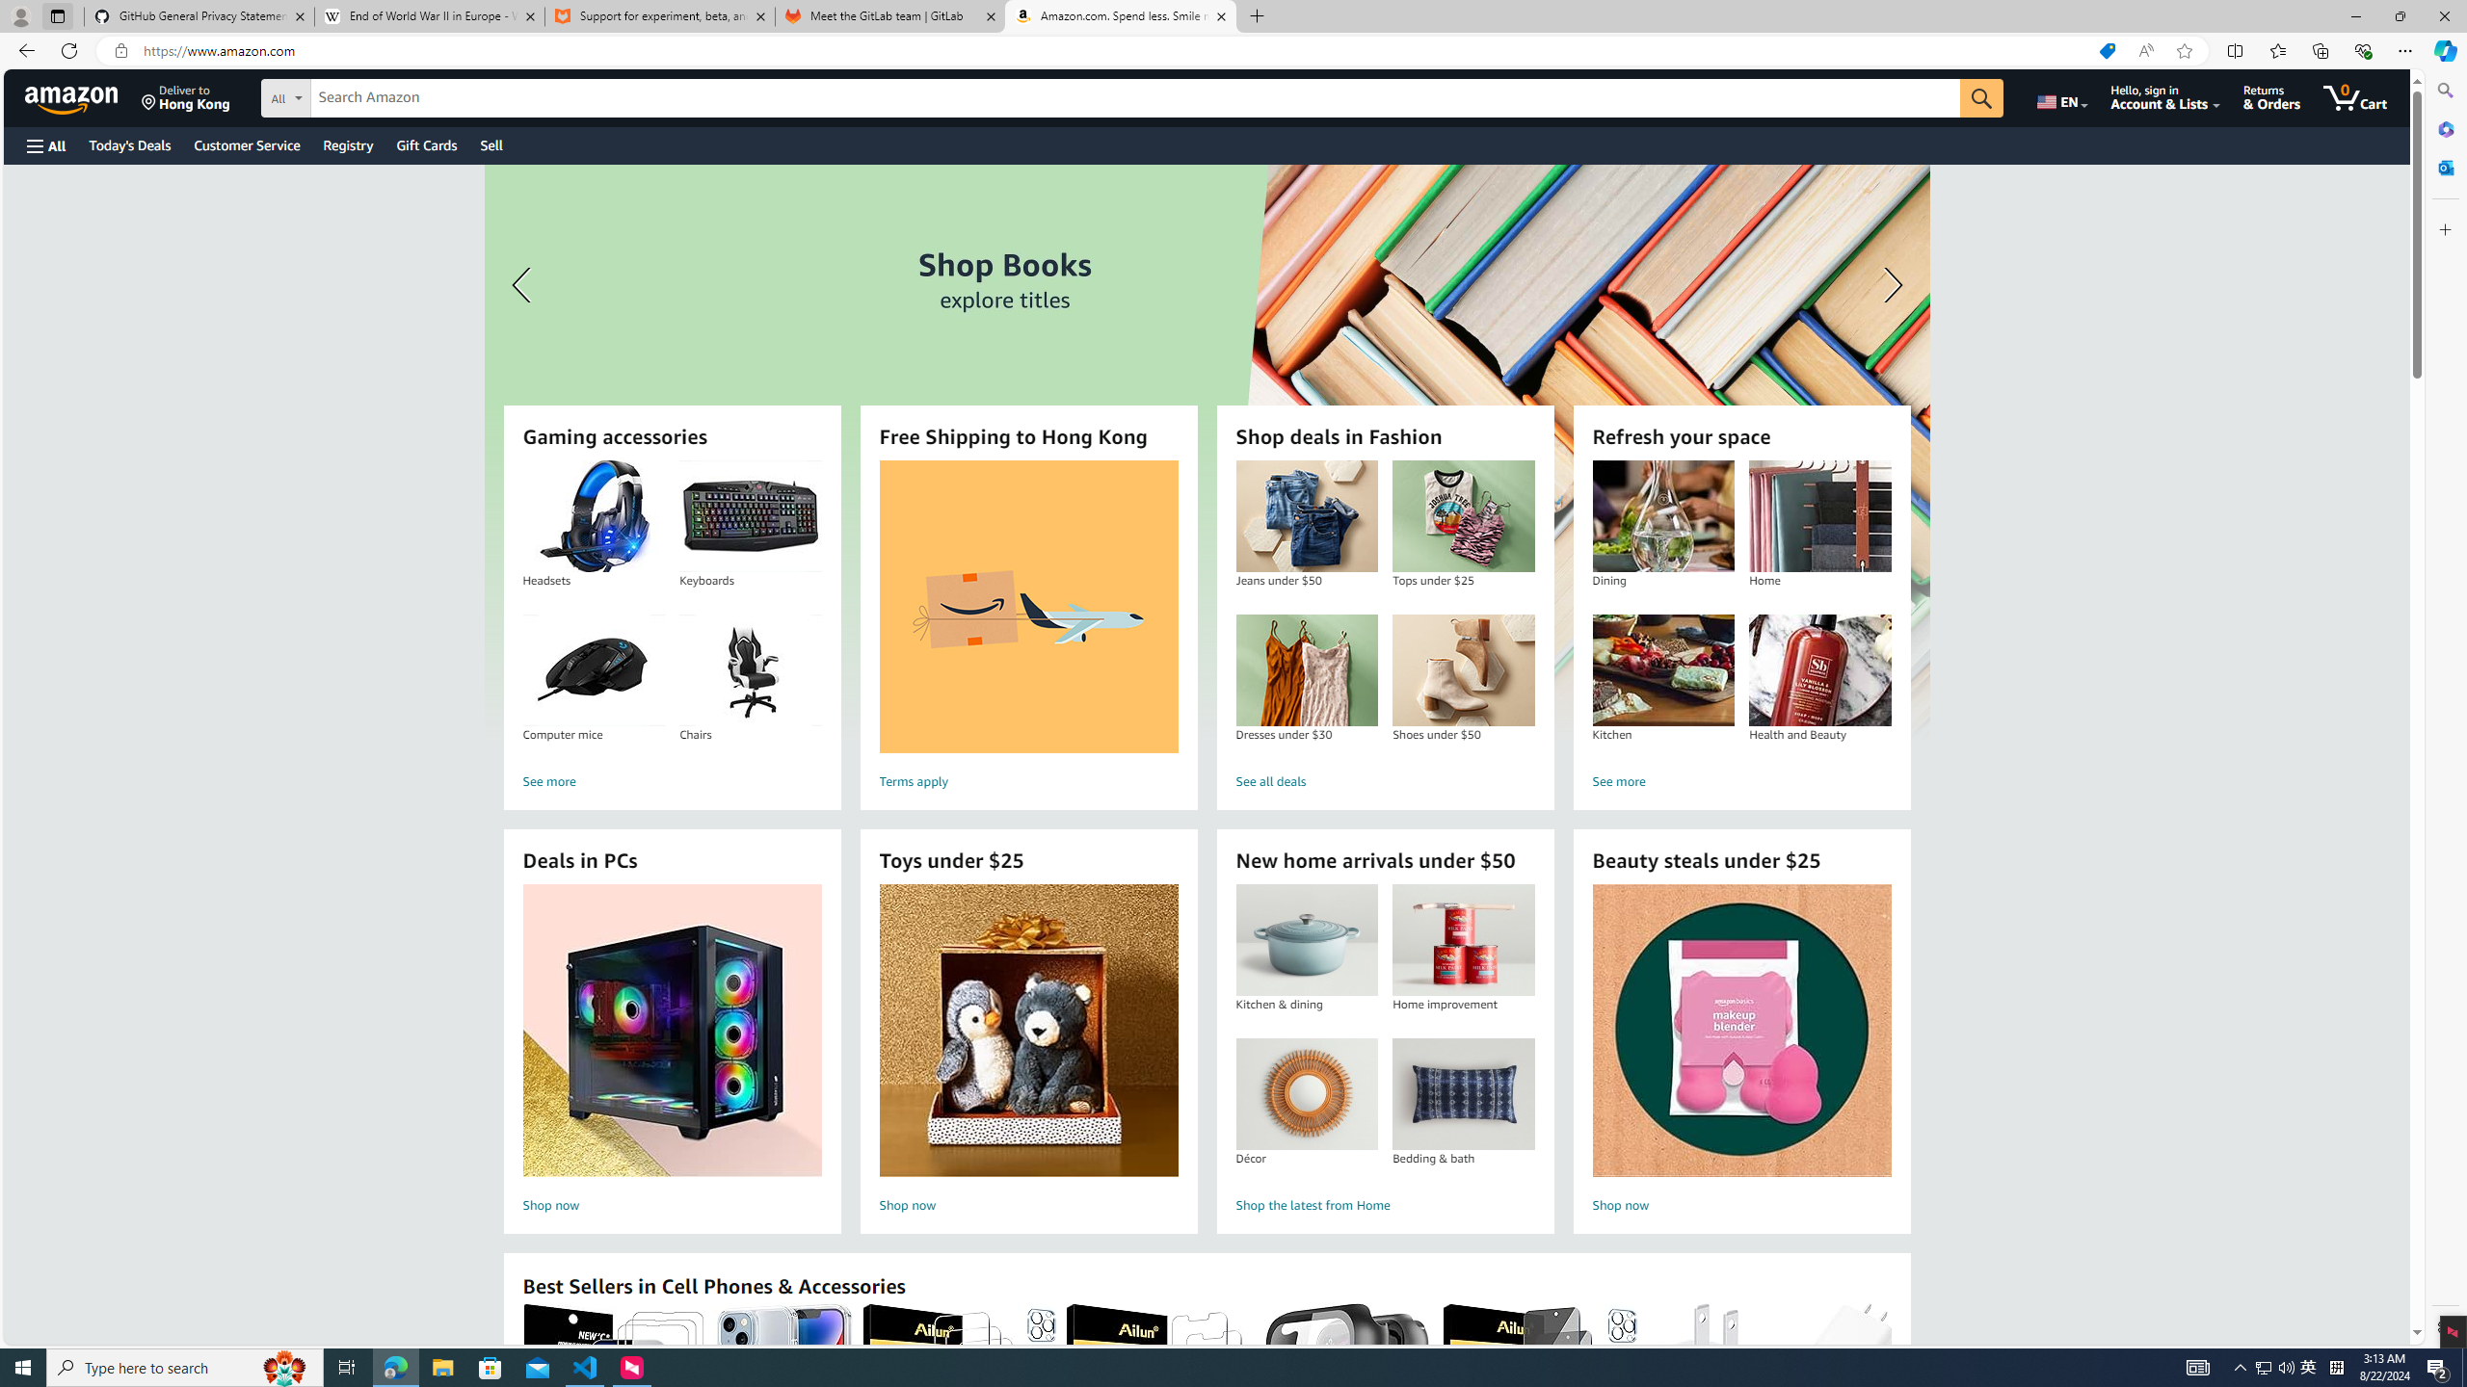 This screenshot has height=1387, width=2467. I want to click on 'Amazon.com. Spend less. Smile more.', so click(1119, 15).